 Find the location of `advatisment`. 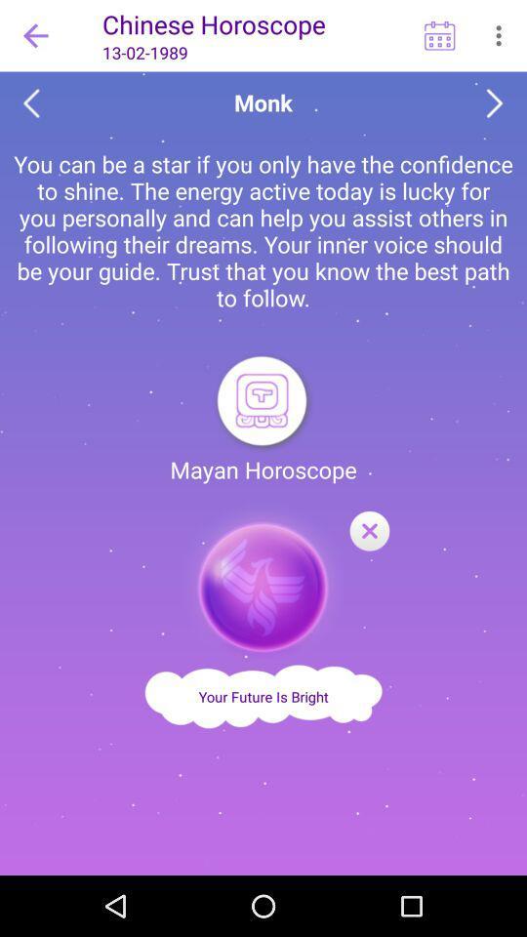

advatisment is located at coordinates (263, 581).